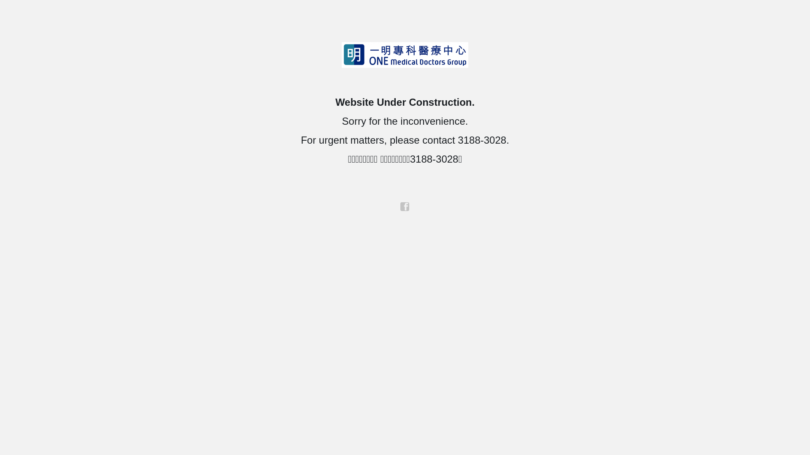 The image size is (810, 455). Describe the element at coordinates (400, 206) in the screenshot. I see `'facebook'` at that location.